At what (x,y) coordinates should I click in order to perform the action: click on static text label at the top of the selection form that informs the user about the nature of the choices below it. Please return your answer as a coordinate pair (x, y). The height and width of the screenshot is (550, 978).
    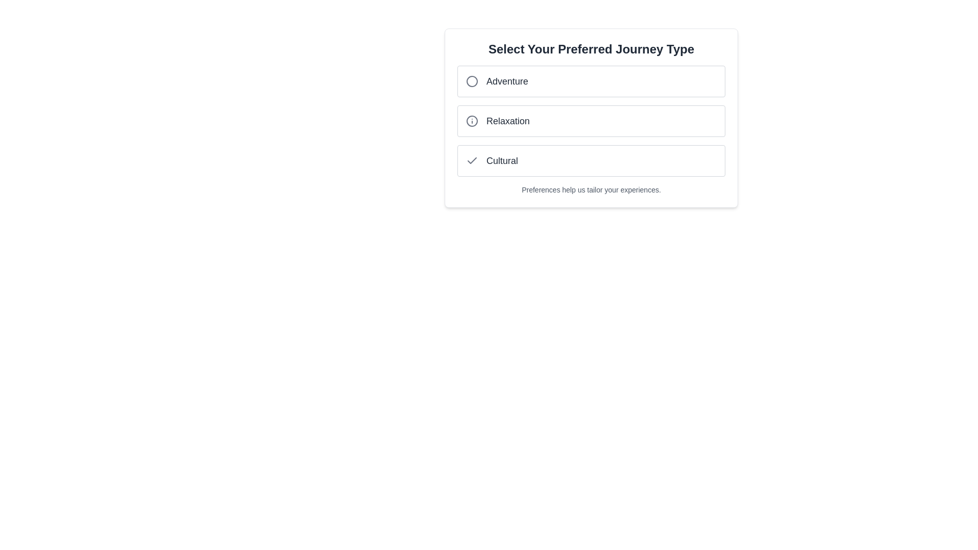
    Looking at the image, I should click on (591, 49).